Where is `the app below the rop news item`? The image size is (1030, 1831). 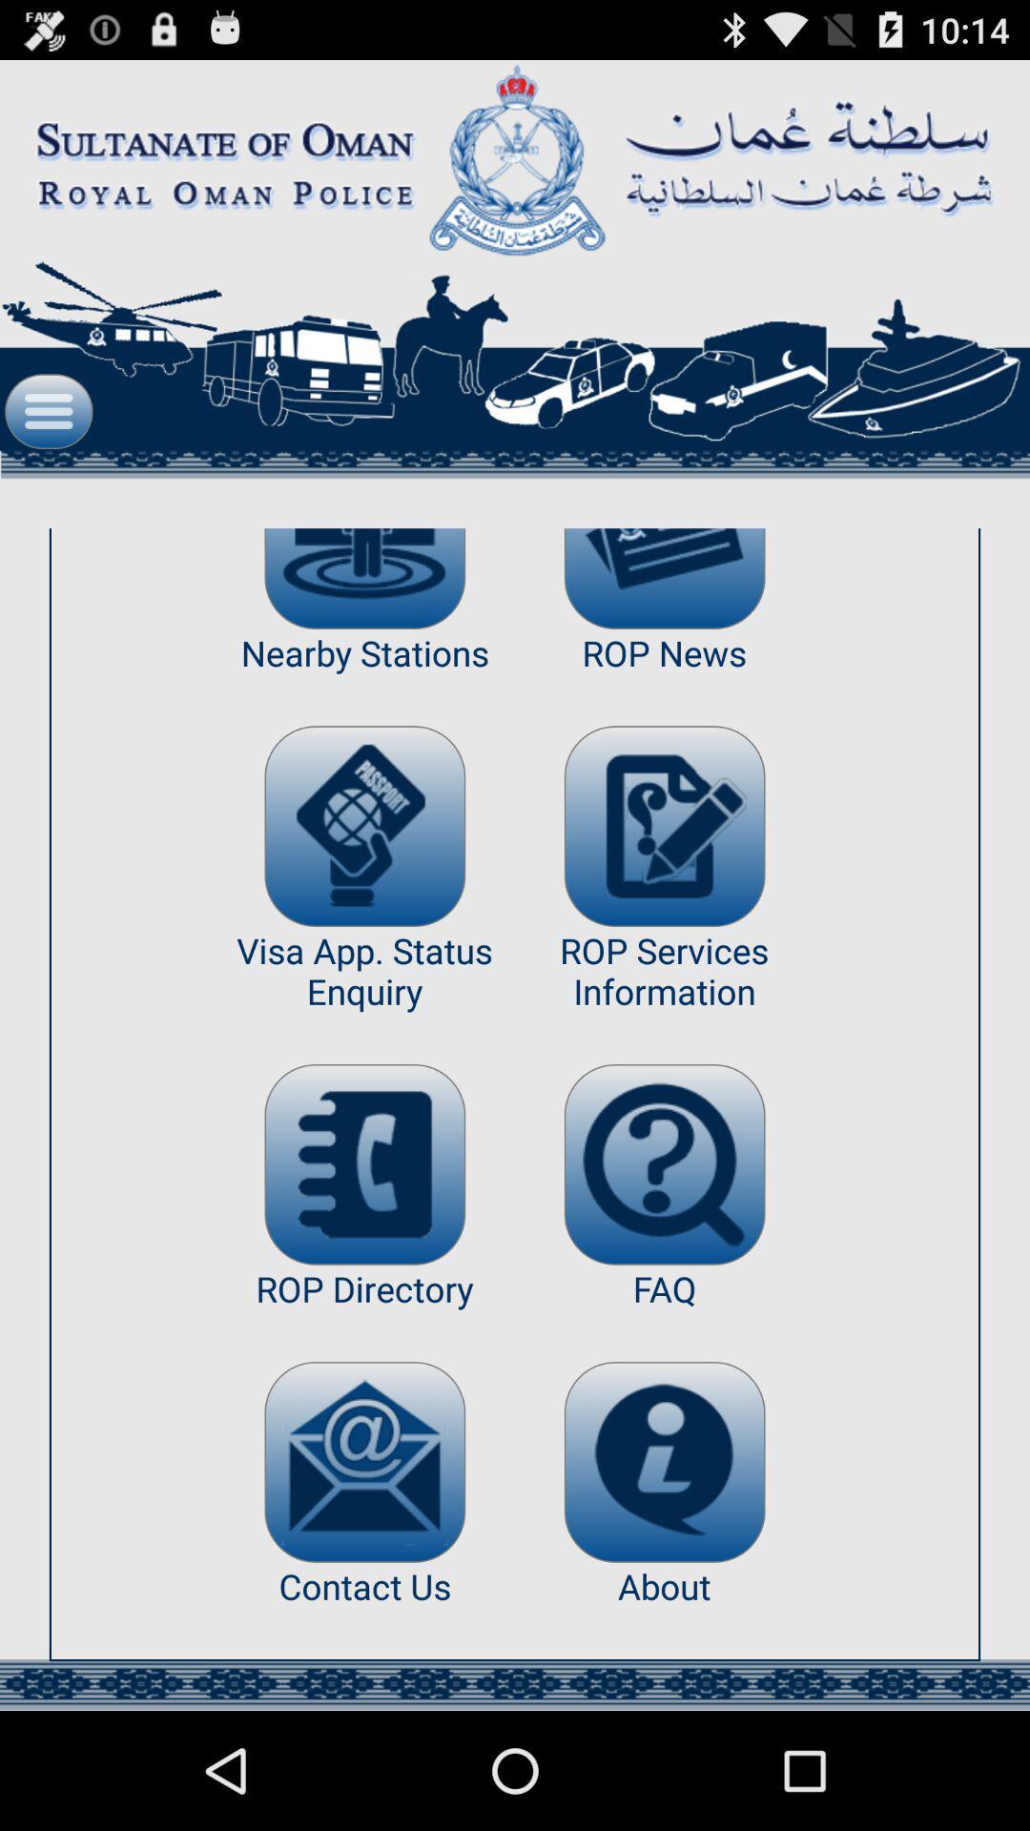
the app below the rop news item is located at coordinates (664, 826).